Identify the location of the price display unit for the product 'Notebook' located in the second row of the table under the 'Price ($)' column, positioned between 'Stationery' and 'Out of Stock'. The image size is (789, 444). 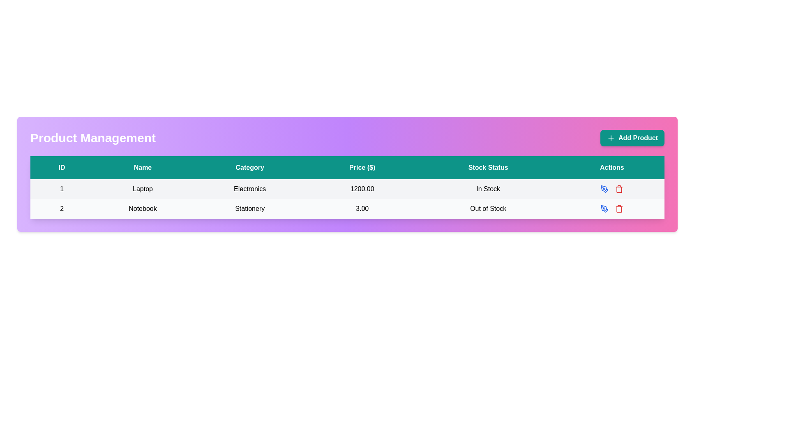
(362, 208).